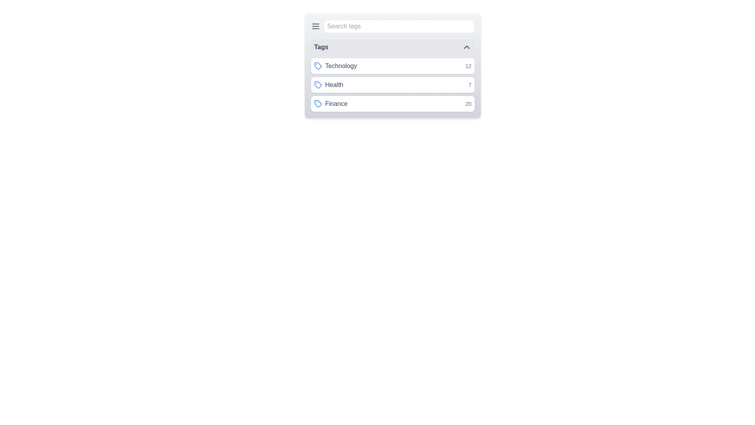 The width and height of the screenshot is (755, 425). Describe the element at coordinates (392, 66) in the screenshot. I see `the tag Technology from the list` at that location.